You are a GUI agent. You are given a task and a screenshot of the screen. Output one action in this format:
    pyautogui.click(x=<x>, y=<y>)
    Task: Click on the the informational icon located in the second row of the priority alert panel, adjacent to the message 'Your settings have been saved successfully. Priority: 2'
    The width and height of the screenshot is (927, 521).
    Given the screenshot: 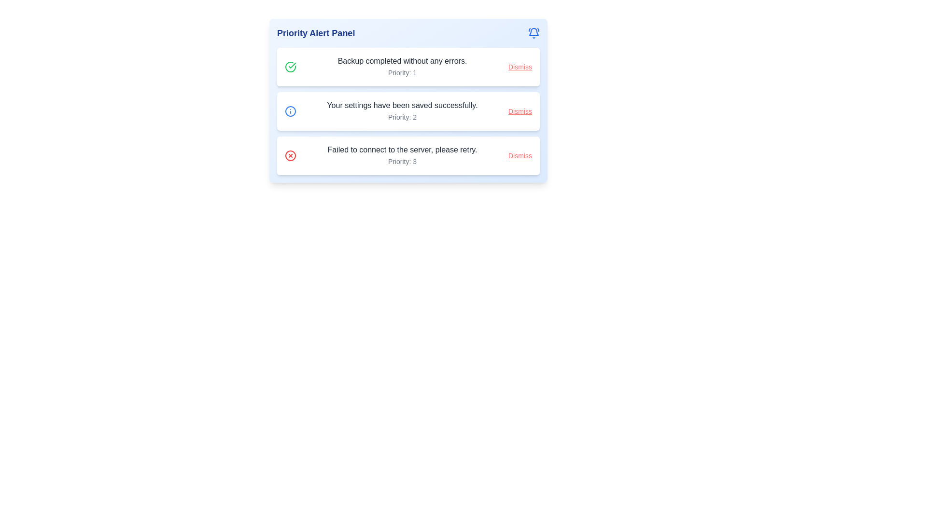 What is the action you would take?
    pyautogui.click(x=290, y=111)
    